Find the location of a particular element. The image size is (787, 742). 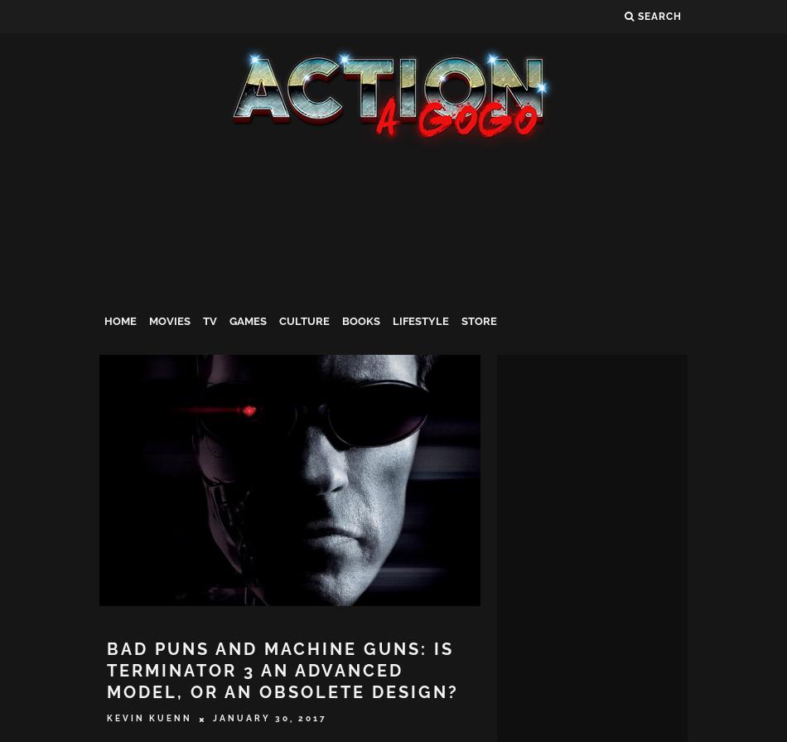

'Books' is located at coordinates (360, 321).